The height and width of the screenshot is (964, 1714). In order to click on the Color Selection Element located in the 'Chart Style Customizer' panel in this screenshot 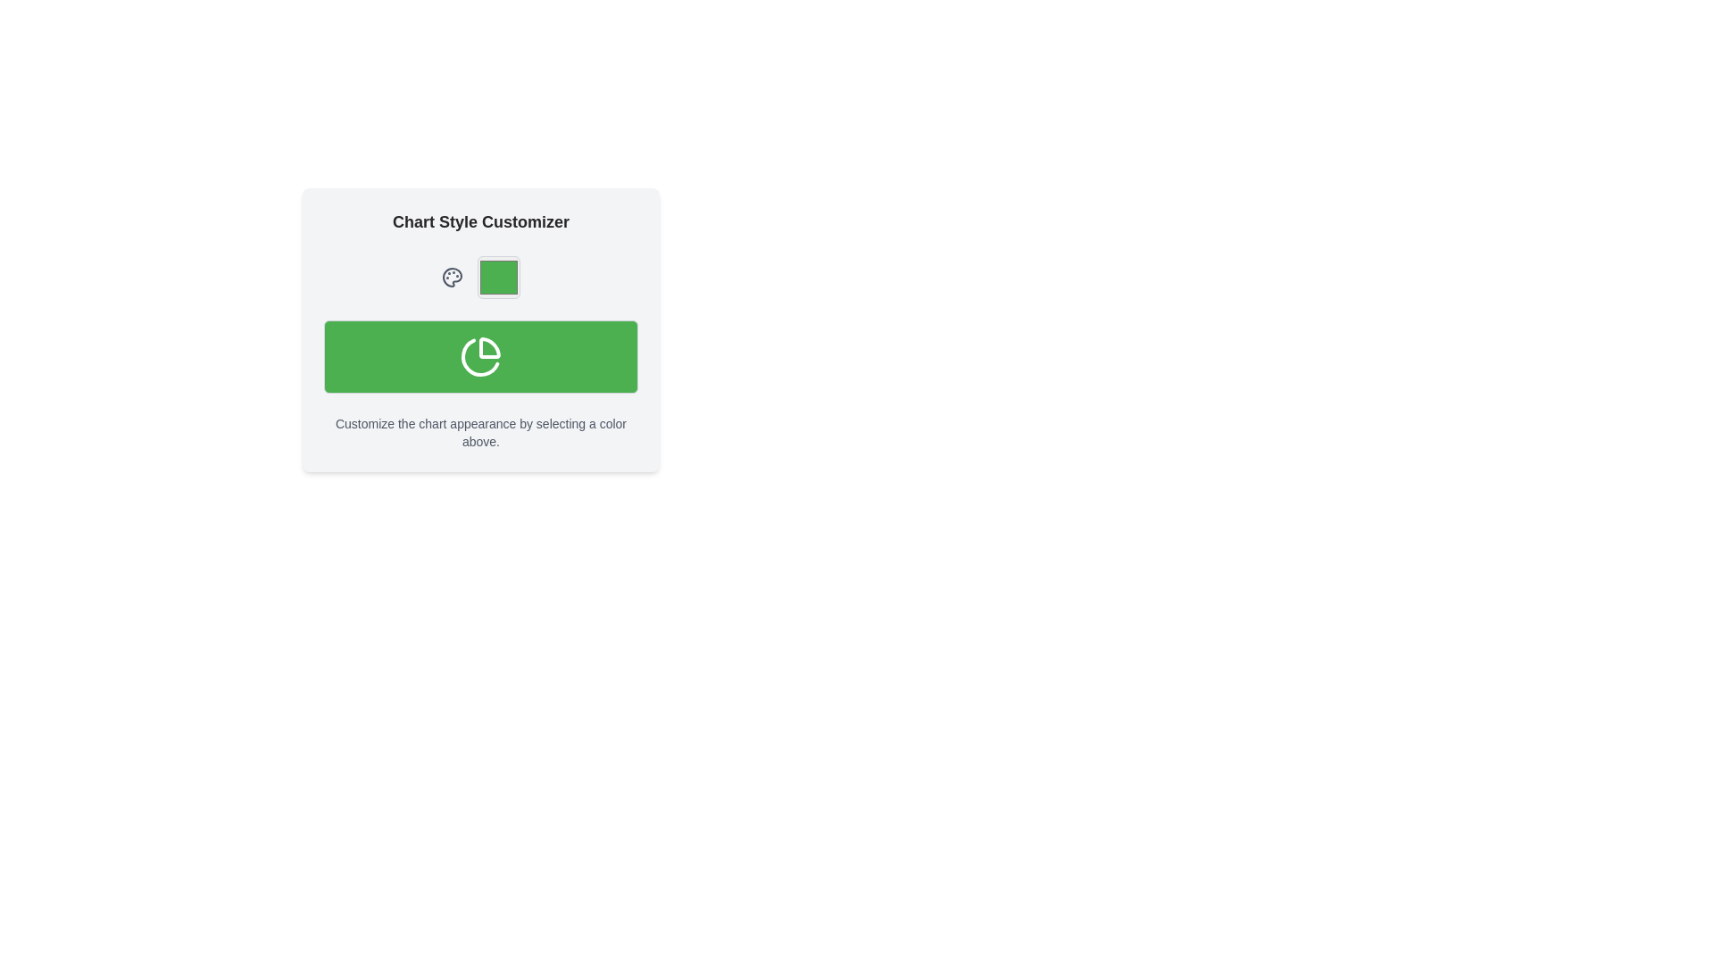, I will do `click(480, 278)`.